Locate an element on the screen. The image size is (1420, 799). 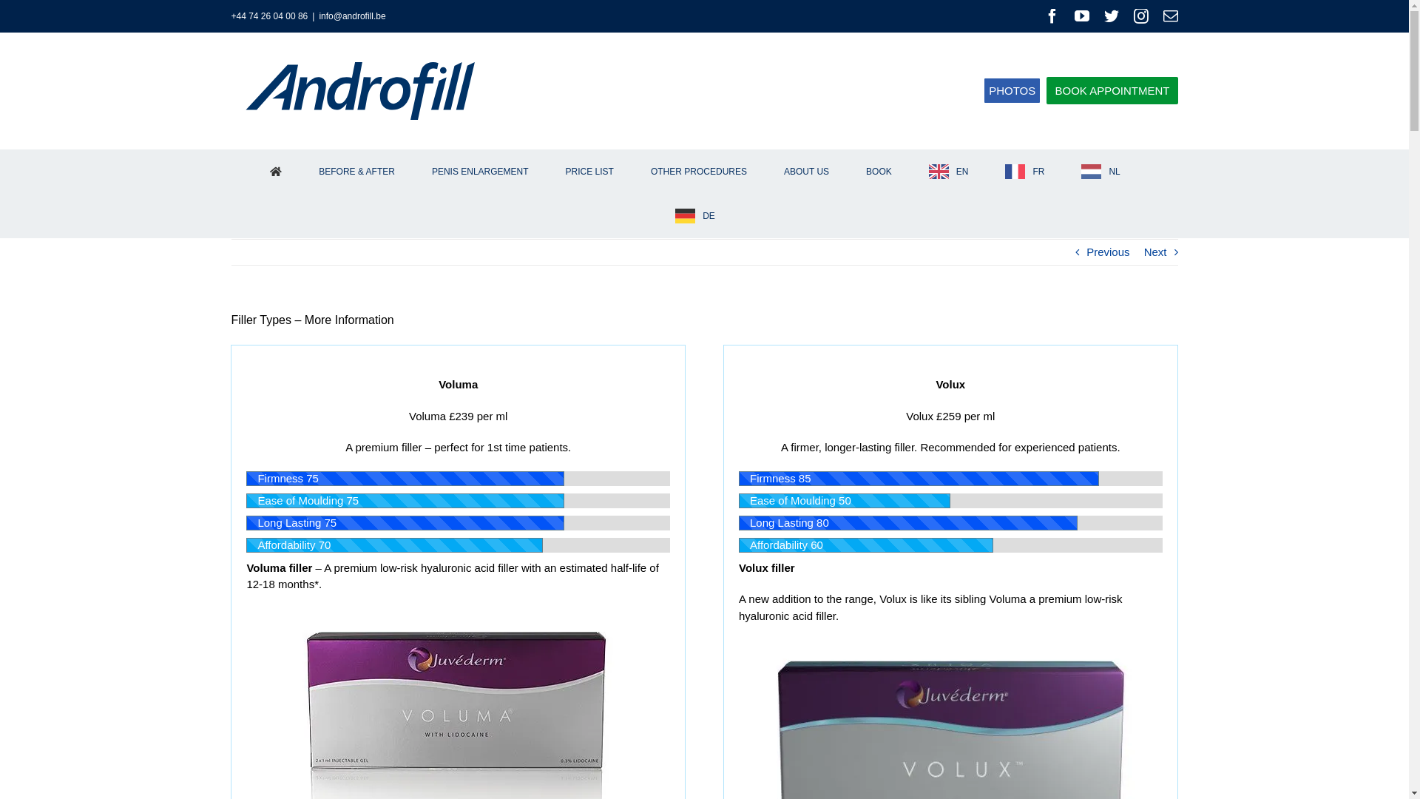
'Facebook' is located at coordinates (1050, 16).